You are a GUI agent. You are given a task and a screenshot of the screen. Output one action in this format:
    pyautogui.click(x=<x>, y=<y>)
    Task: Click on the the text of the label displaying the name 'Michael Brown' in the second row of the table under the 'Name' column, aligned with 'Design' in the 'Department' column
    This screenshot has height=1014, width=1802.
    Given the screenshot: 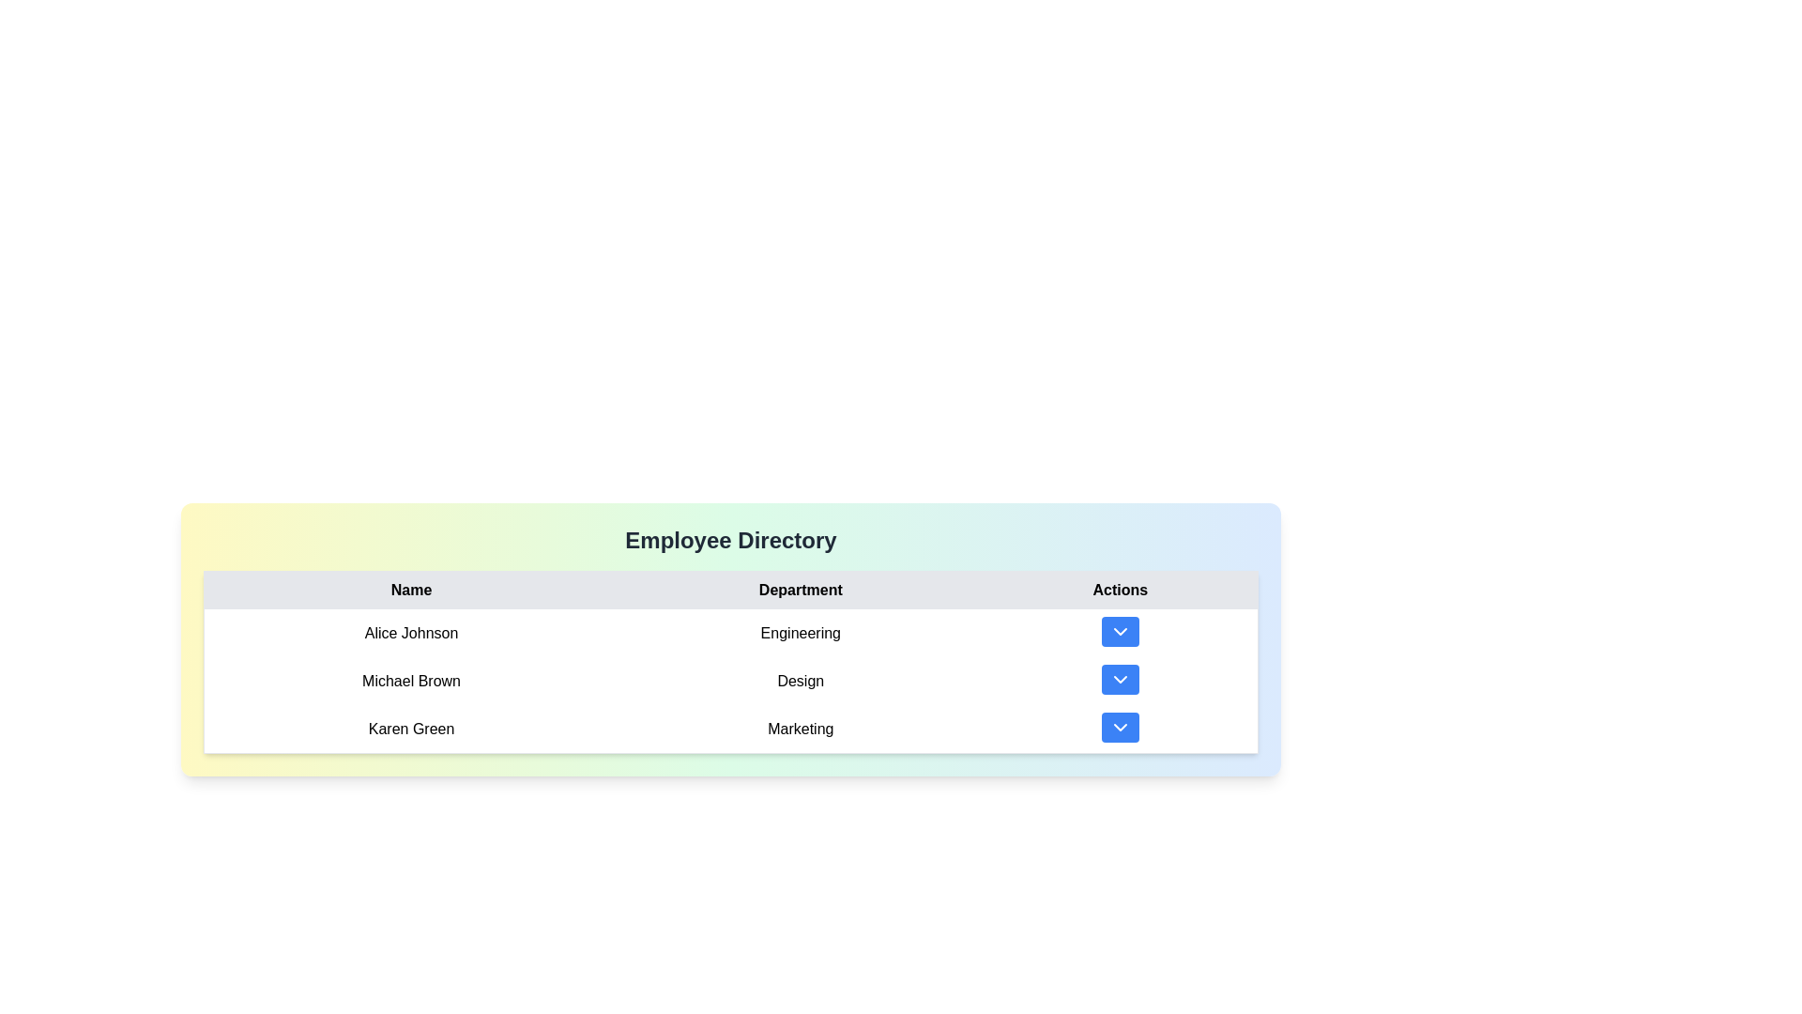 What is the action you would take?
    pyautogui.click(x=410, y=681)
    